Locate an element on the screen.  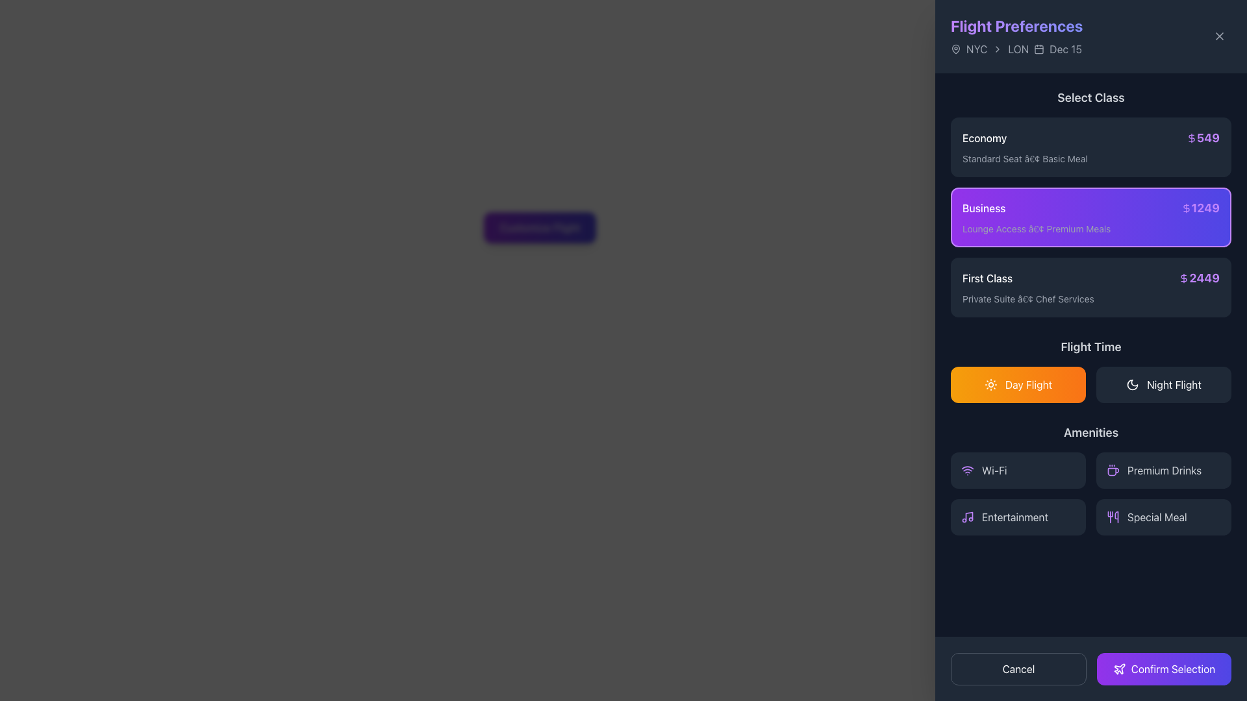
the 'Premium Drinks' icon, which serves as a visual identifier for the amenity is located at coordinates (1112, 471).